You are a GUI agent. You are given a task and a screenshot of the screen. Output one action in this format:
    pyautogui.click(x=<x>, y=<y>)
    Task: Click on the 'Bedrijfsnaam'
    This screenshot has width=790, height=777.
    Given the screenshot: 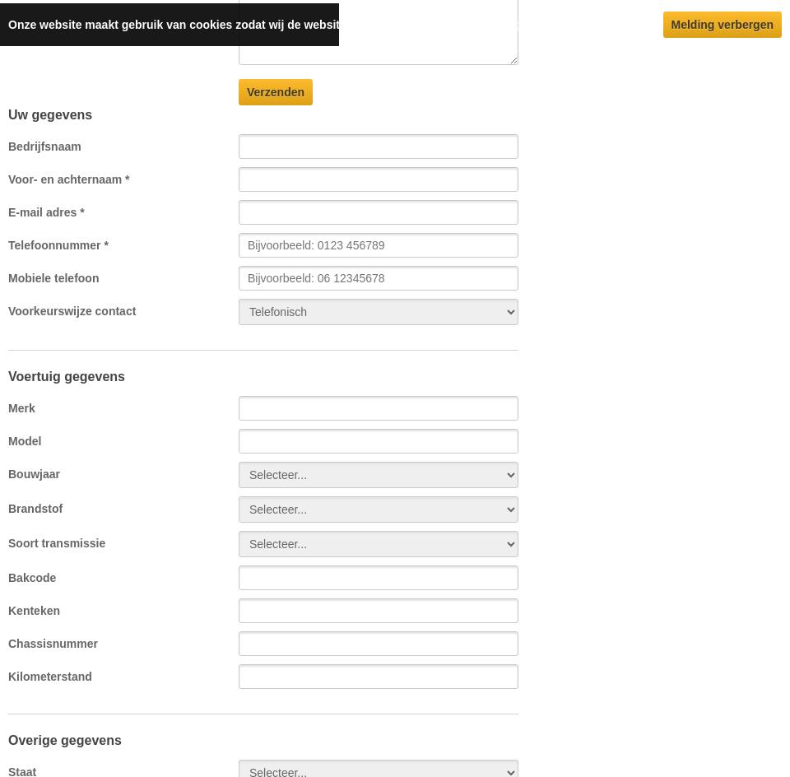 What is the action you would take?
    pyautogui.click(x=44, y=146)
    